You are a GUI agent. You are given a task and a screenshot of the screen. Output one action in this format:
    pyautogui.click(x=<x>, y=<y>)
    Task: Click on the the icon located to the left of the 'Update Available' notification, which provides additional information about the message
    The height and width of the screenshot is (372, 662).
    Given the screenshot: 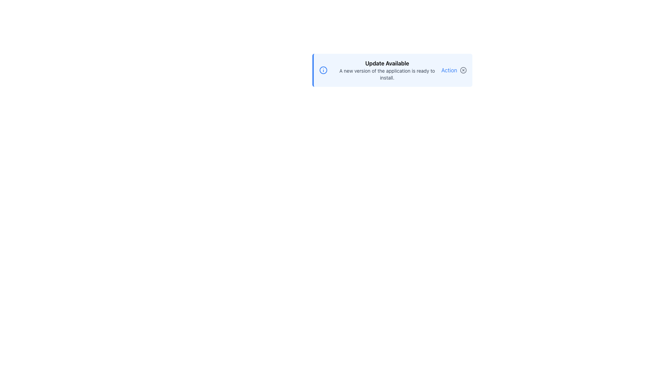 What is the action you would take?
    pyautogui.click(x=323, y=70)
    